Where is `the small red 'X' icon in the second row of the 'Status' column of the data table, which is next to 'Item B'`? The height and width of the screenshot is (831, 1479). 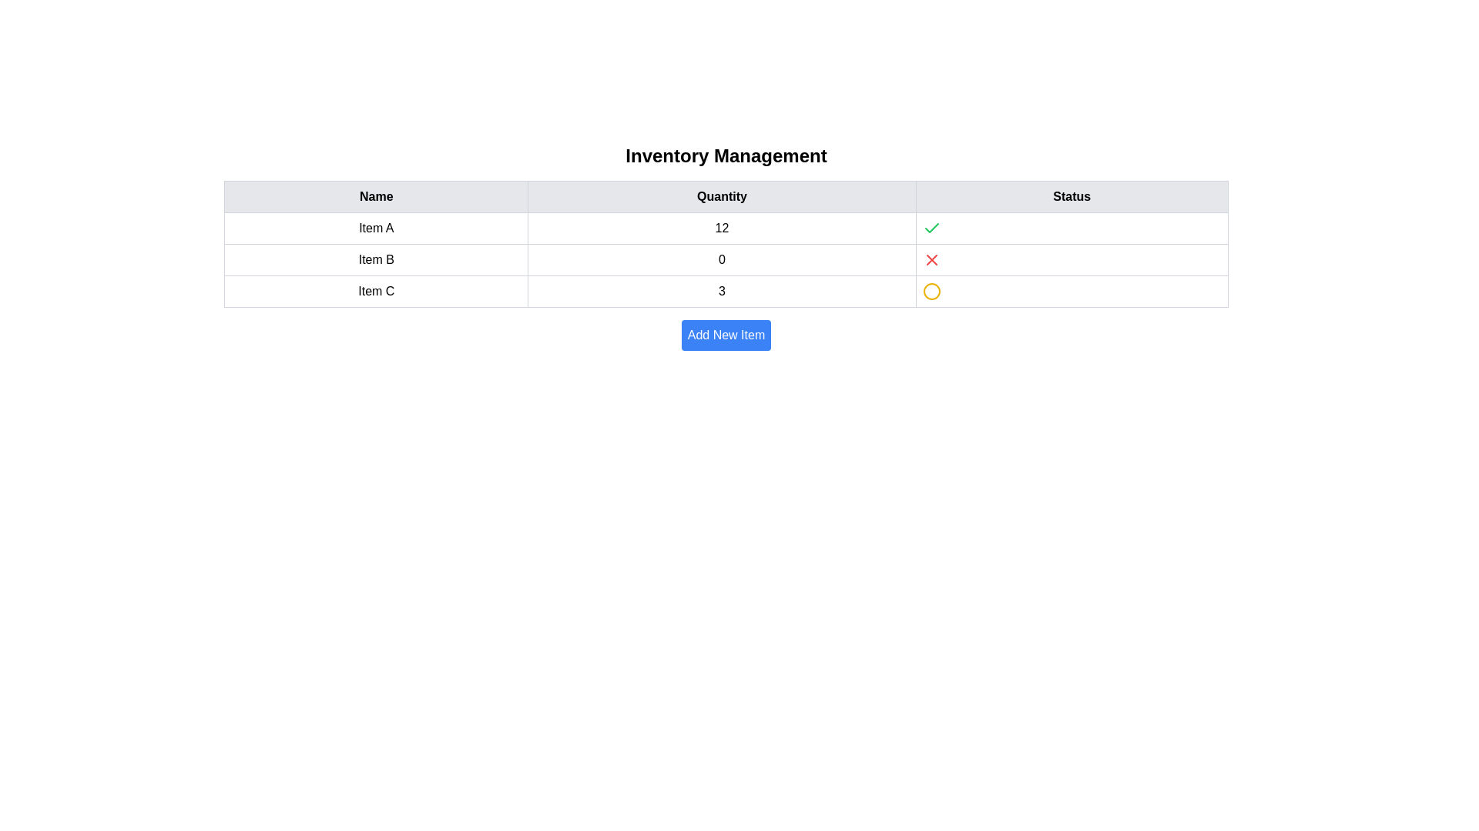 the small red 'X' icon in the second row of the 'Status' column of the data table, which is next to 'Item B' is located at coordinates (931, 259).